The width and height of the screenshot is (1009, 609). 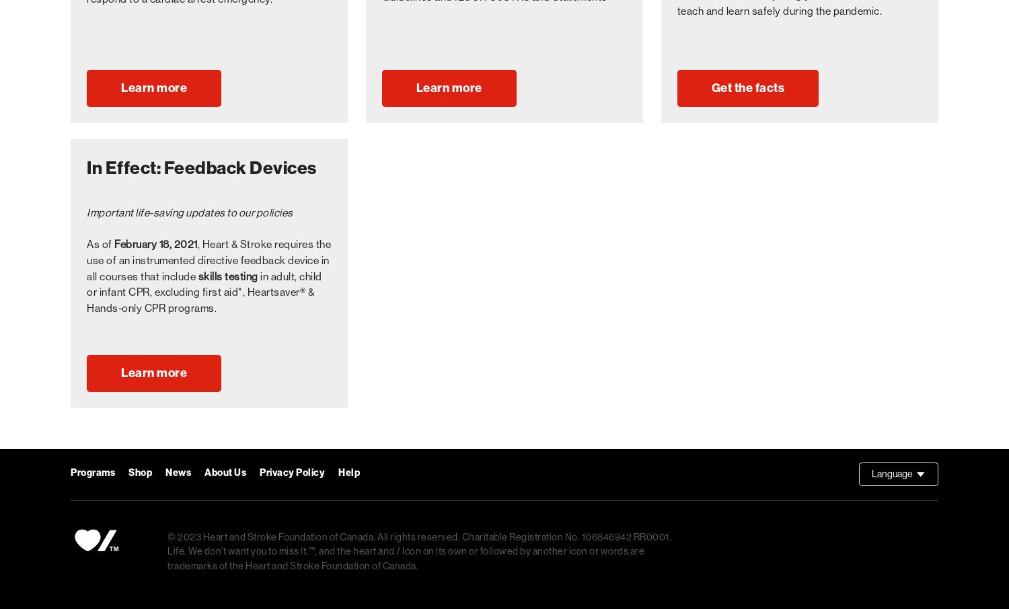 I want to click on 'skills testing', so click(x=227, y=276).